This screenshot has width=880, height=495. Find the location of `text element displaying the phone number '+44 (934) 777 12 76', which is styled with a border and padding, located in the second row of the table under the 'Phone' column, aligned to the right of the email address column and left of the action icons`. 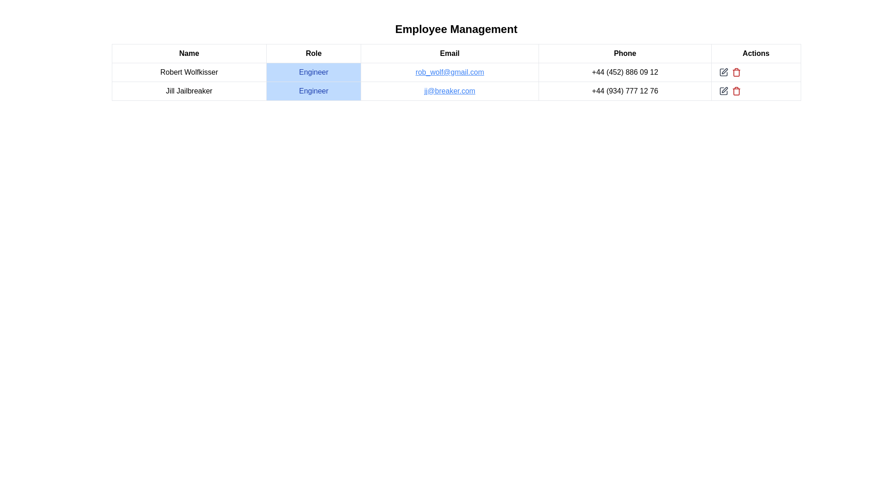

text element displaying the phone number '+44 (934) 777 12 76', which is styled with a border and padding, located in the second row of the table under the 'Phone' column, aligned to the right of the email address column and left of the action icons is located at coordinates (624, 91).